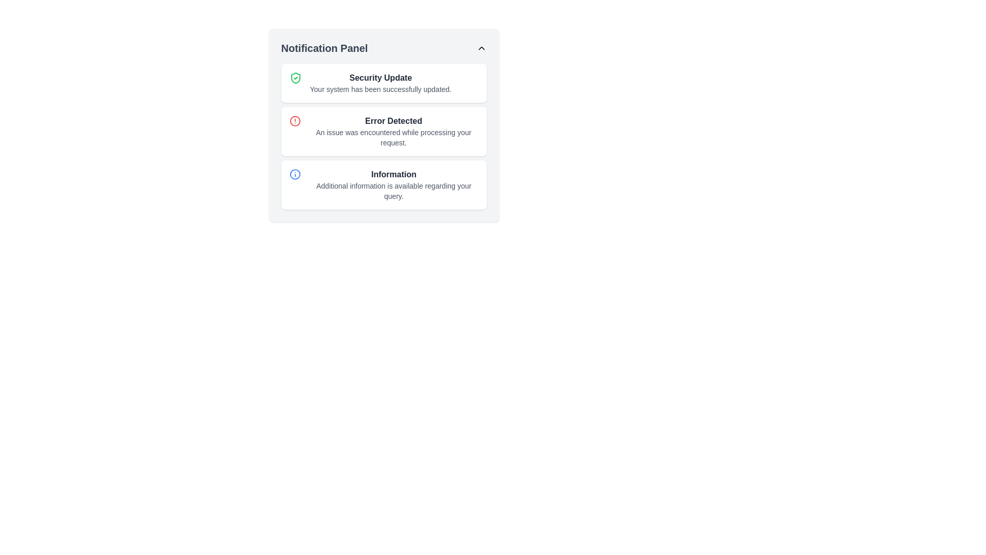 The image size is (986, 555). I want to click on the text label that reads 'Your system has been successfully updated.' located below the 'Security Update' header in the notification card, so click(380, 88).